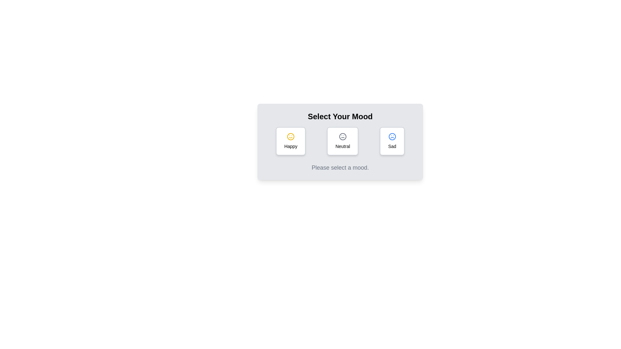  What do you see at coordinates (342, 136) in the screenshot?
I see `the circular graphical element representing the neutral mood in the SVG illustration, located in the middle of the three mood options under the 'Select Your Mood' title` at bounding box center [342, 136].